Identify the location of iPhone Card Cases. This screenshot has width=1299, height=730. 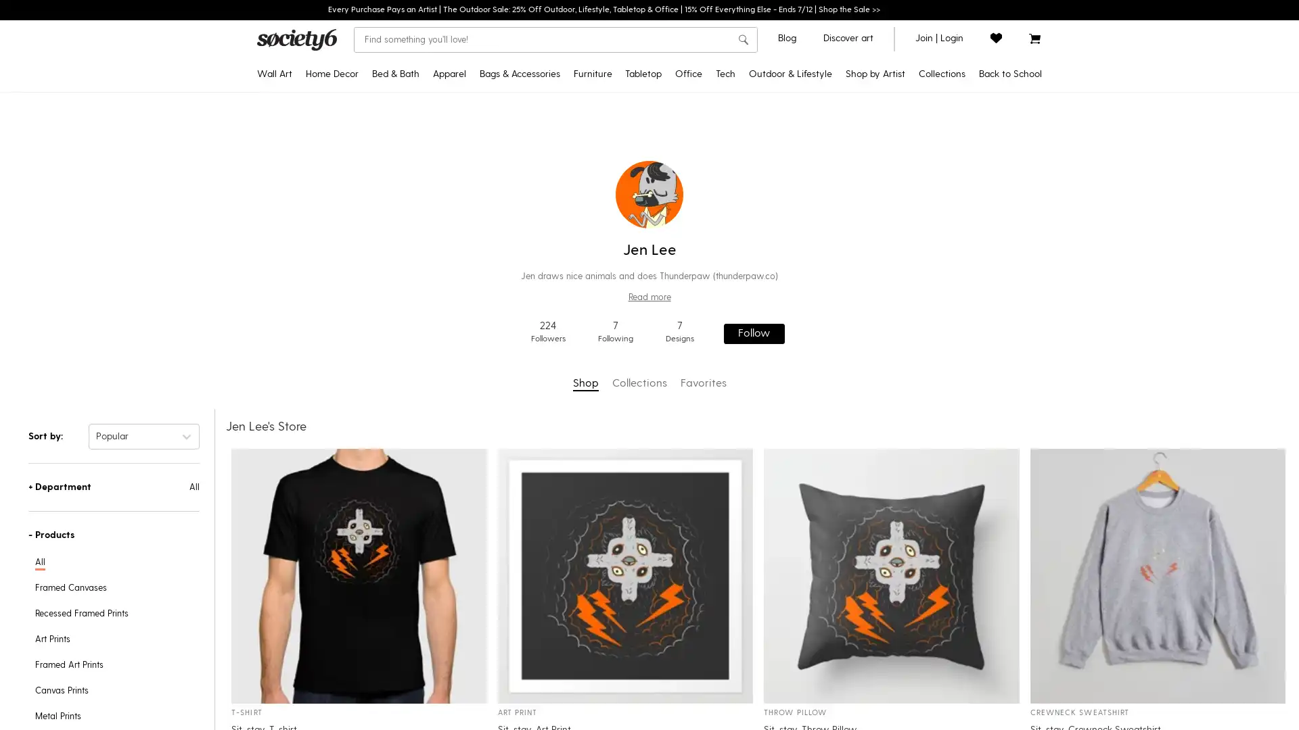
(773, 195).